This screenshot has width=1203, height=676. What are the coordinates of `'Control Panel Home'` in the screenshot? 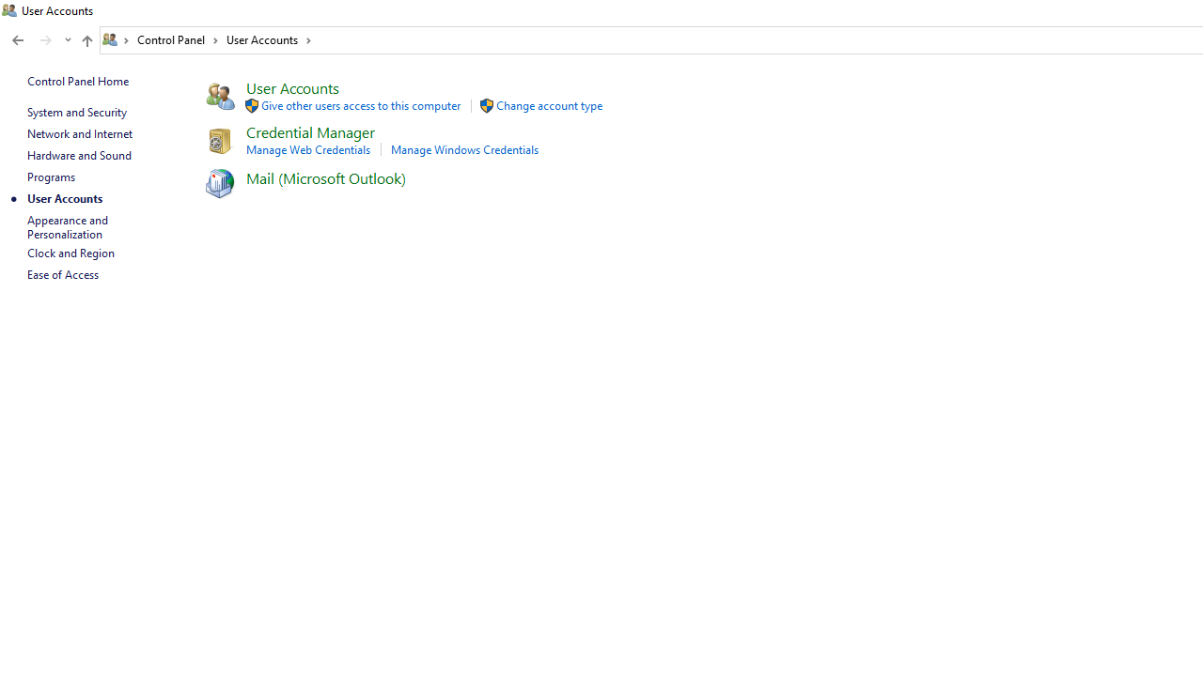 It's located at (77, 80).